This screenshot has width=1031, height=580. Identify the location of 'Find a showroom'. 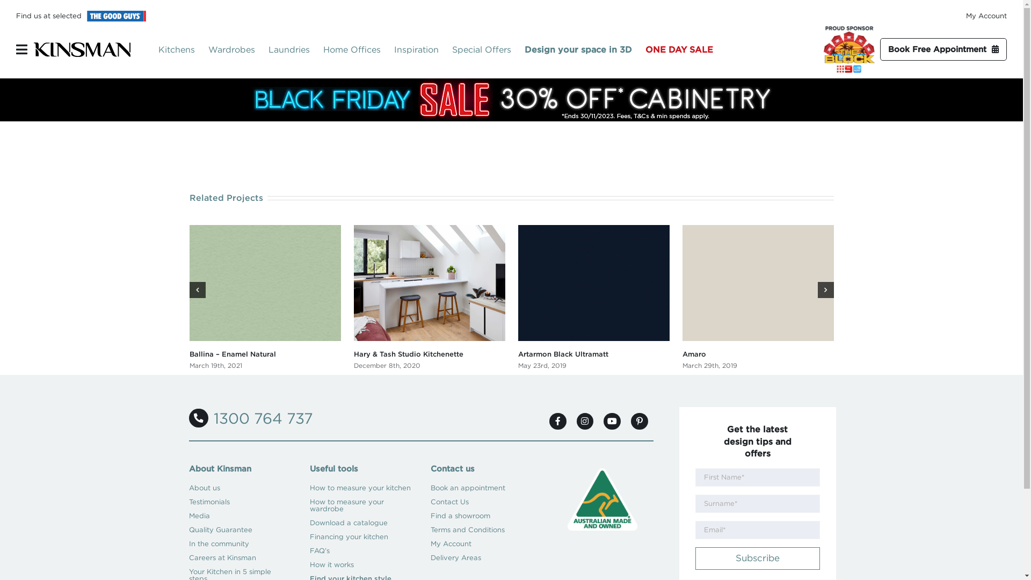
(430, 515).